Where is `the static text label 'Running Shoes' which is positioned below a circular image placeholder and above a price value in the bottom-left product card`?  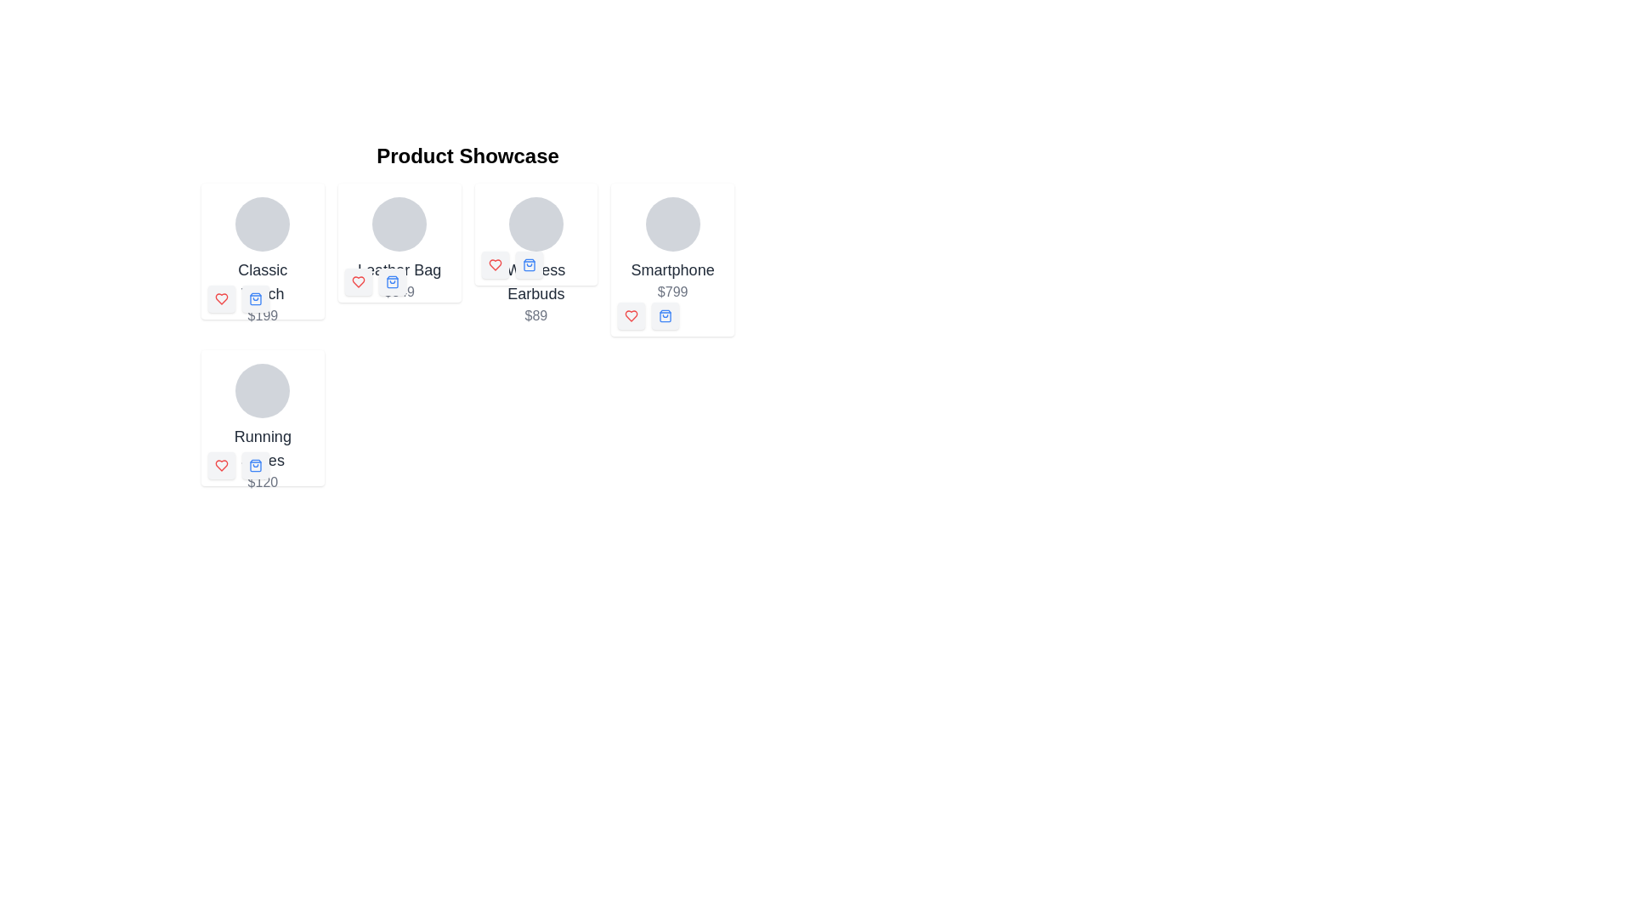
the static text label 'Running Shoes' which is positioned below a circular image placeholder and above a price value in the bottom-left product card is located at coordinates (262, 448).